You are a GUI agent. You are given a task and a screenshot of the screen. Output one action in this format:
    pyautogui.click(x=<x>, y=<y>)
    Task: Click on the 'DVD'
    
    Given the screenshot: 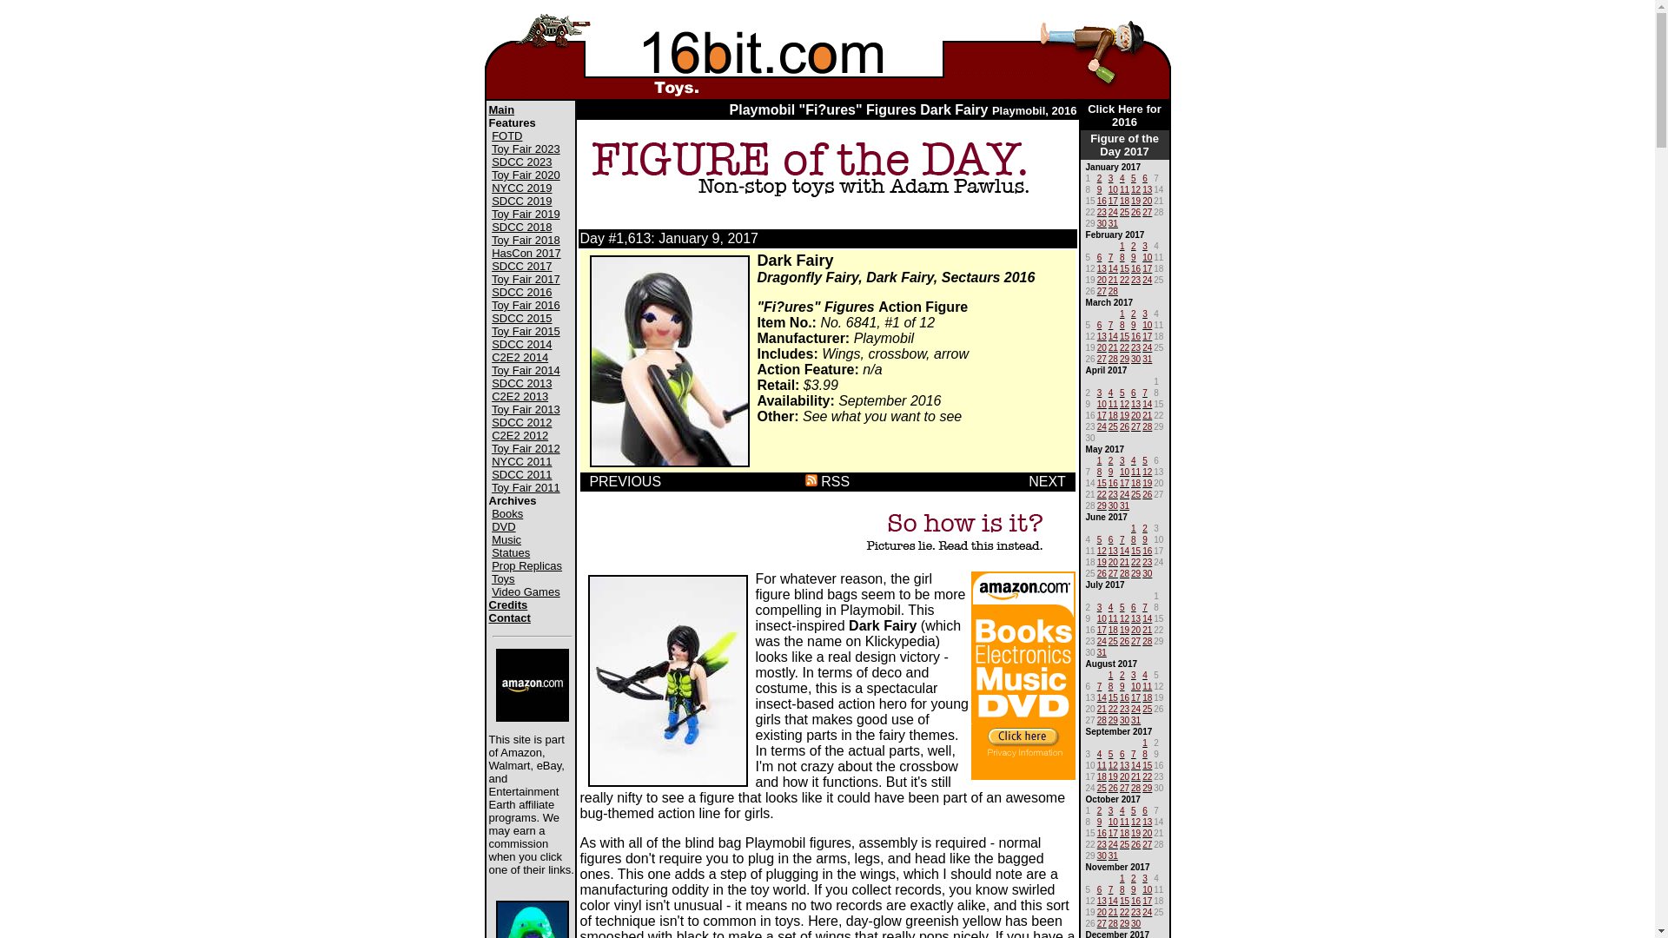 What is the action you would take?
    pyautogui.click(x=502, y=525)
    